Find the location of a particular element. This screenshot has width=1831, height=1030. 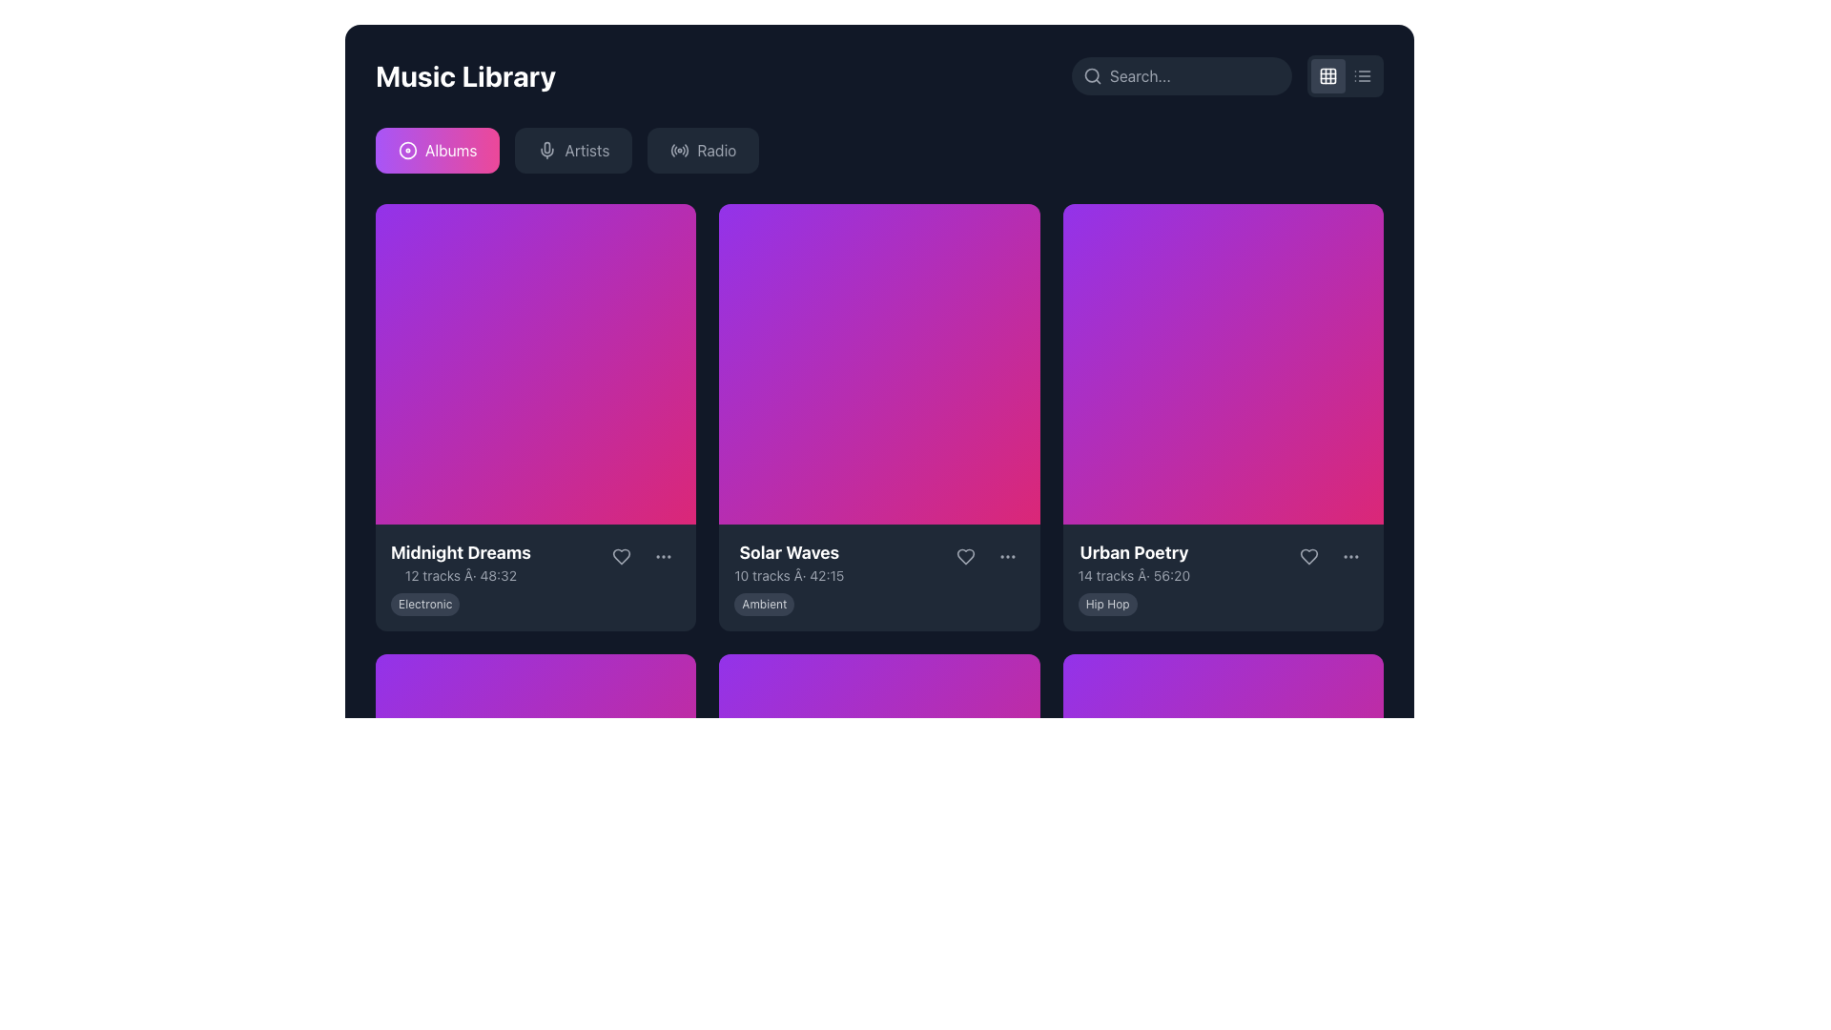

on the SVG Circle element that is the outer part of the disc icon within the 'Albums' button, which has a pink rectangular shape with rounded edges is located at coordinates (406, 150).